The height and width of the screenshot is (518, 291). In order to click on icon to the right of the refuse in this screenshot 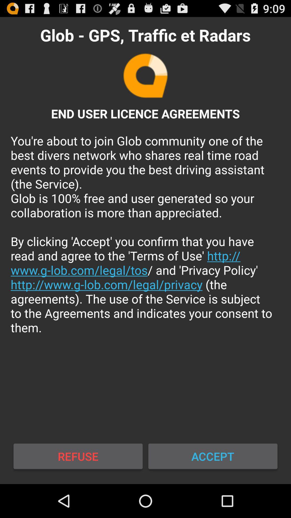, I will do `click(213, 456)`.